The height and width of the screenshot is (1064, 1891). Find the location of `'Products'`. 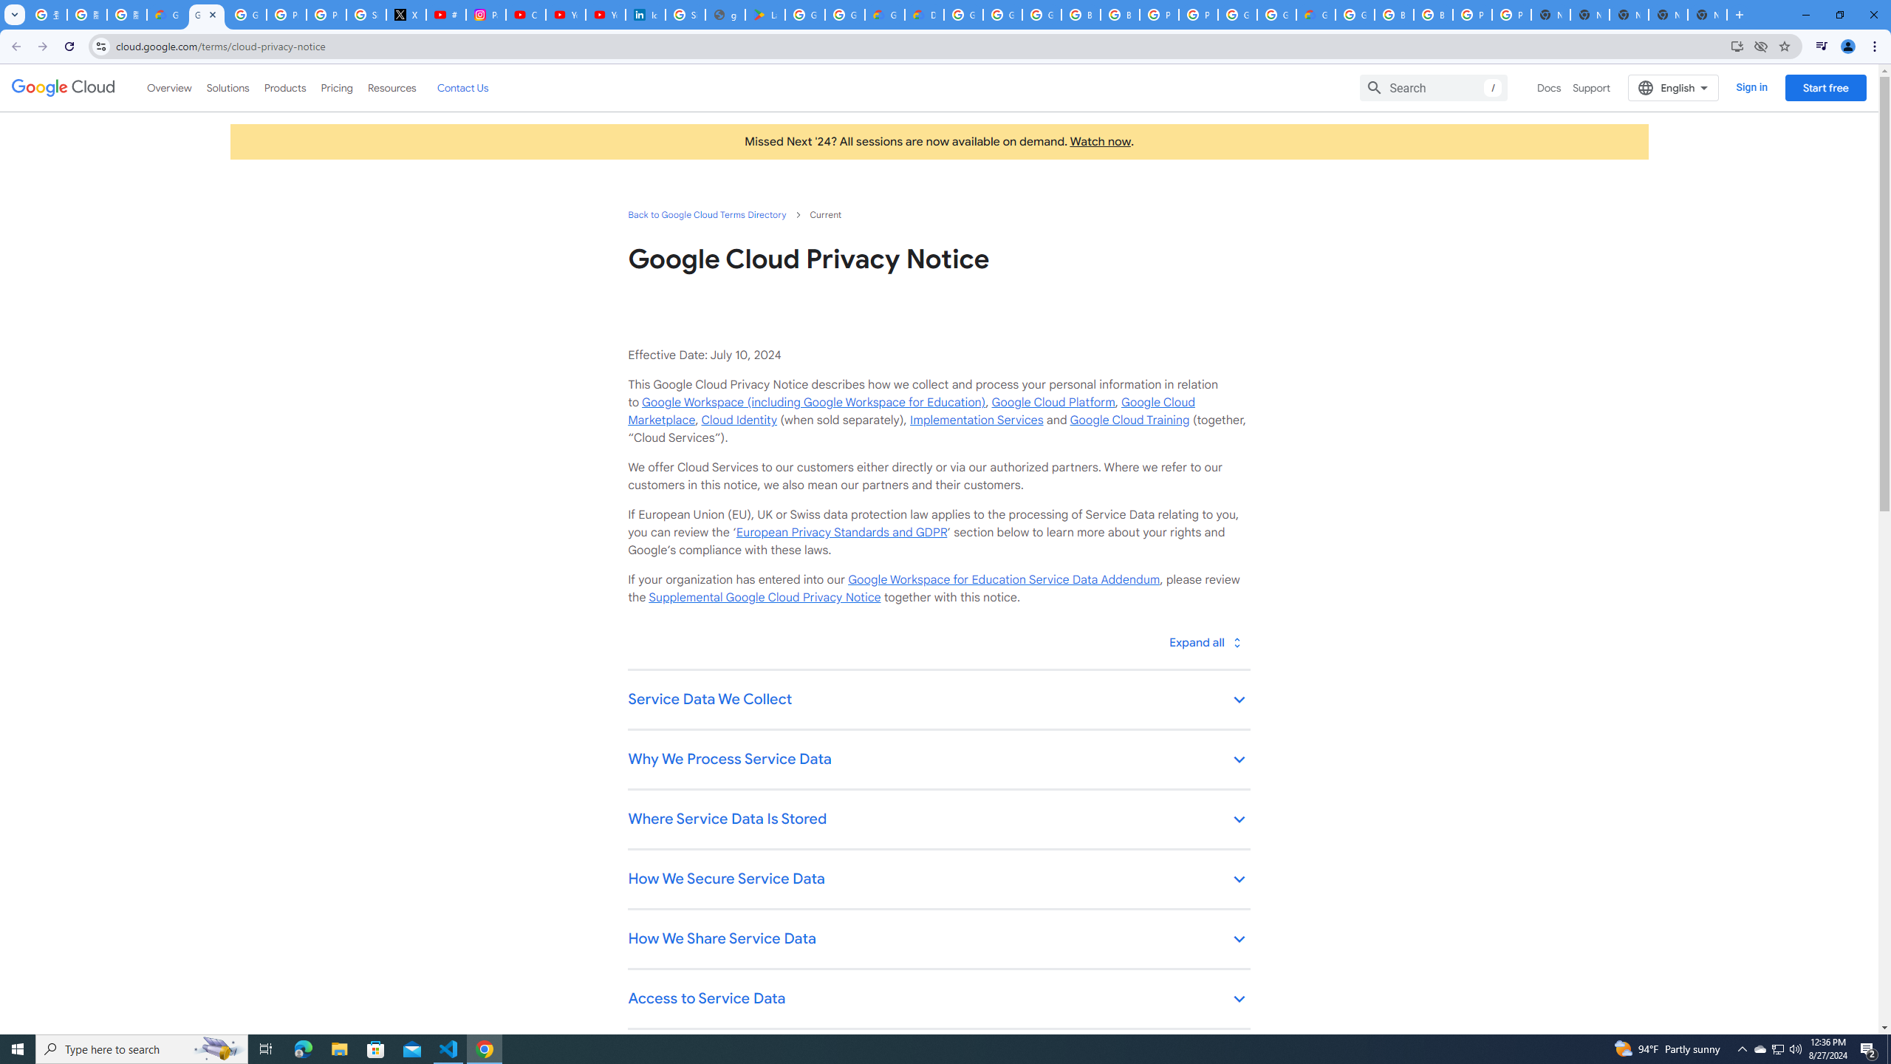

'Products' is located at coordinates (284, 87).